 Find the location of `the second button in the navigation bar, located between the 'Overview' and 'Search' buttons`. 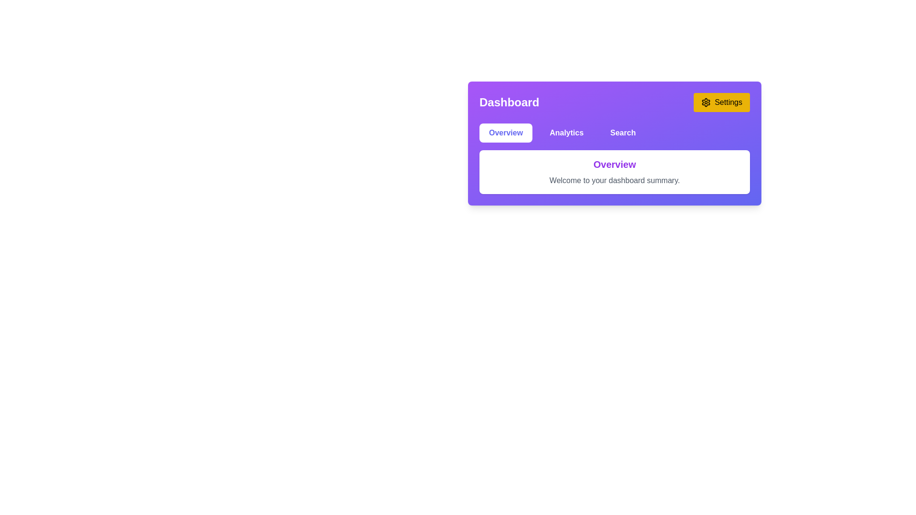

the second button in the navigation bar, located between the 'Overview' and 'Search' buttons is located at coordinates (566, 133).